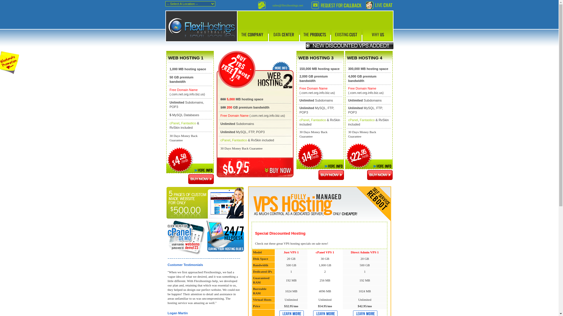 The width and height of the screenshot is (563, 316). I want to click on 'cPanel', so click(353, 119).